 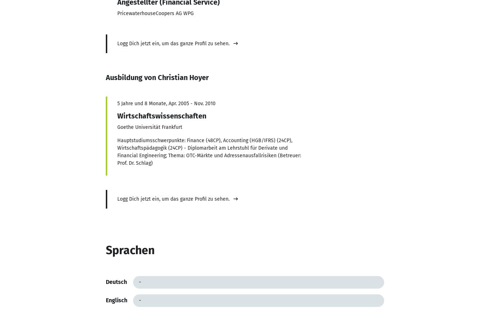 What do you see at coordinates (155, 13) in the screenshot?
I see `'PricewaterhouseCoopers AG WPG'` at bounding box center [155, 13].